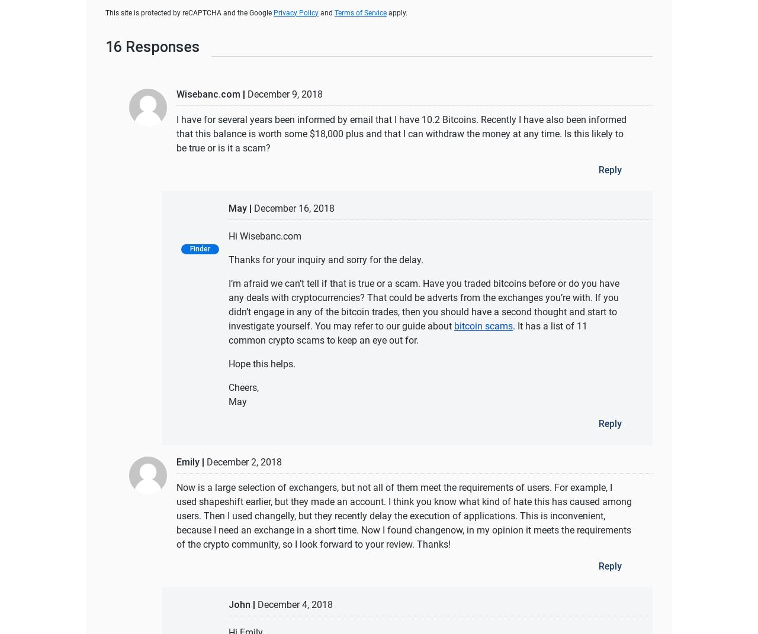 Image resolution: width=758 pixels, height=634 pixels. I want to click on 'Hope this helps.', so click(261, 363).